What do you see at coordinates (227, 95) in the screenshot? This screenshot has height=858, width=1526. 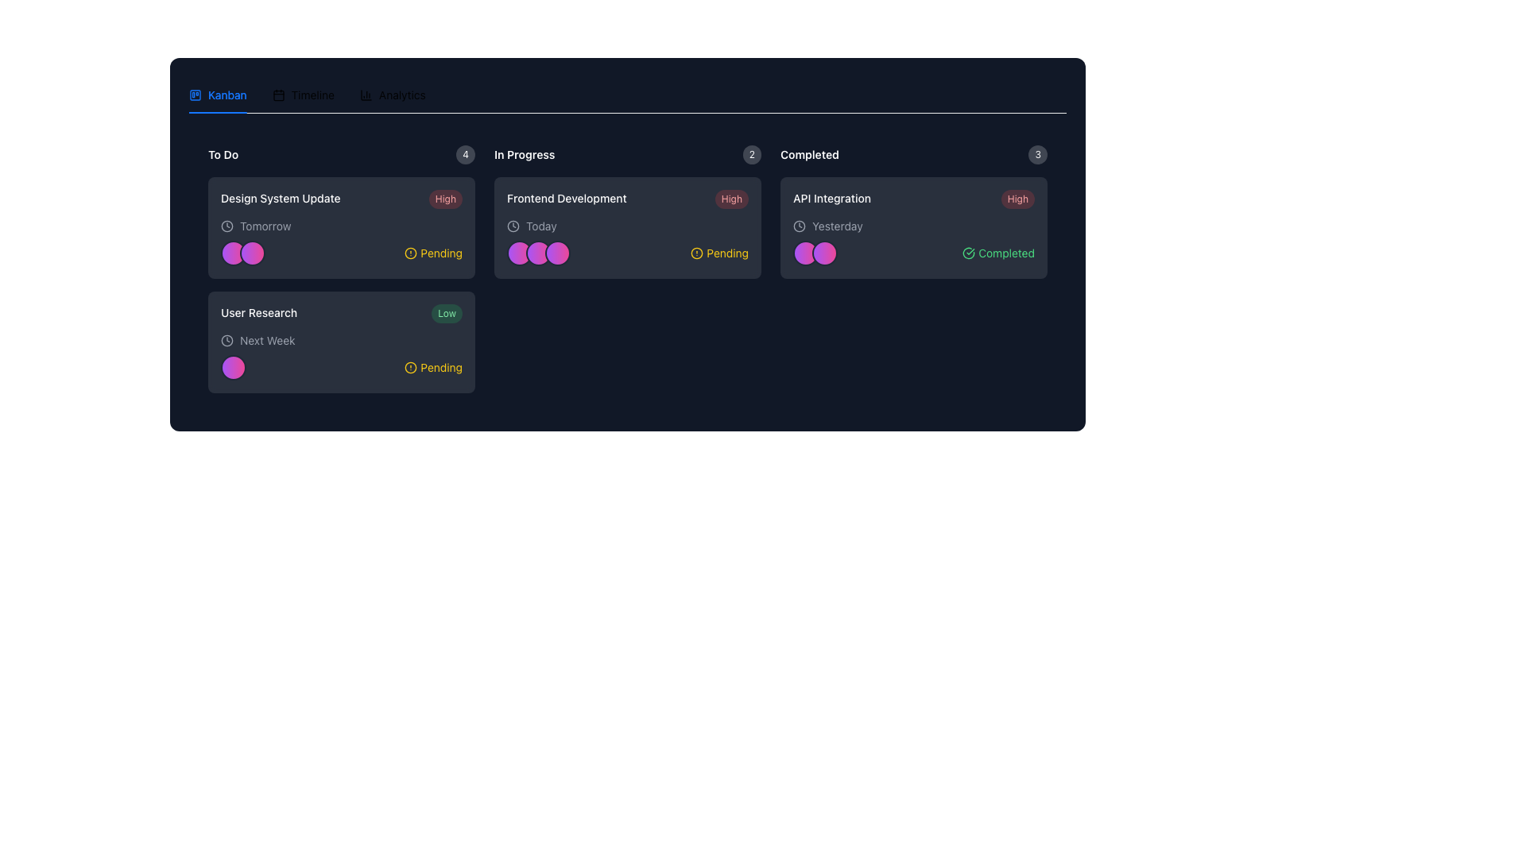 I see `the 'Kanban' navigation link in the top-left portion of the navigation bar` at bounding box center [227, 95].